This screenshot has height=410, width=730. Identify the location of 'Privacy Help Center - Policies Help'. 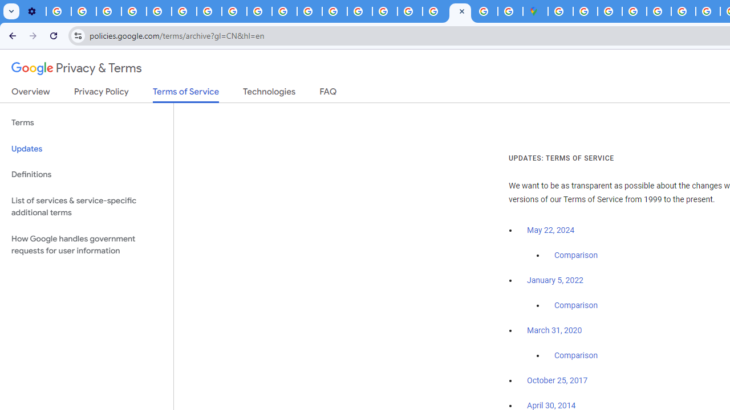
(334, 11).